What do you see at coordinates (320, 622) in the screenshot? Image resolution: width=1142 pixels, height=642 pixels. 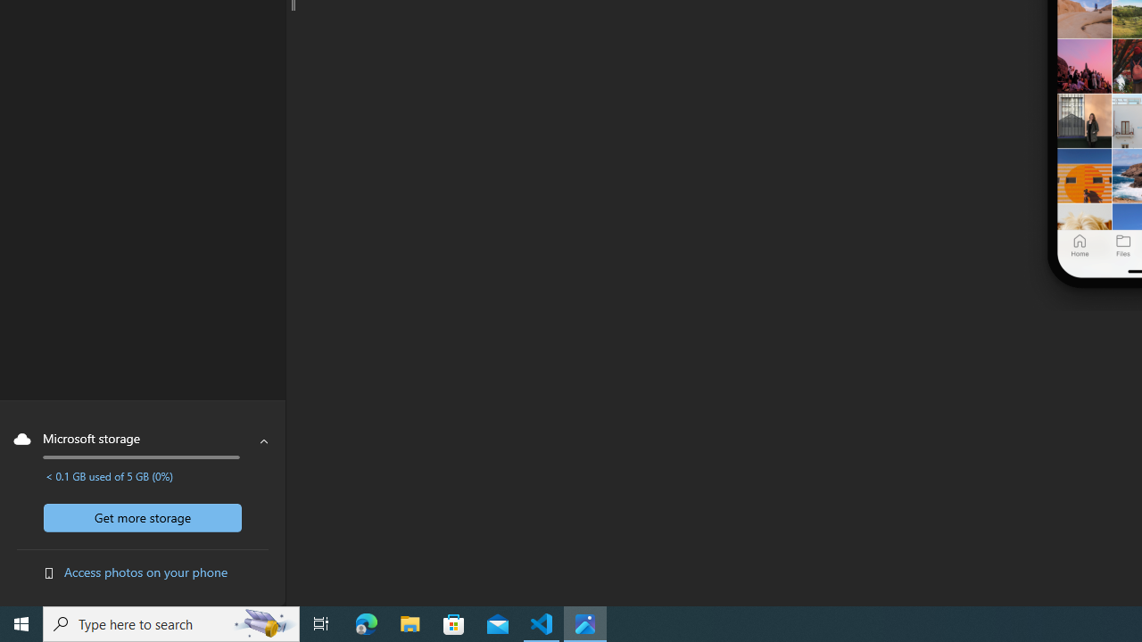 I see `'Task View'` at bounding box center [320, 622].